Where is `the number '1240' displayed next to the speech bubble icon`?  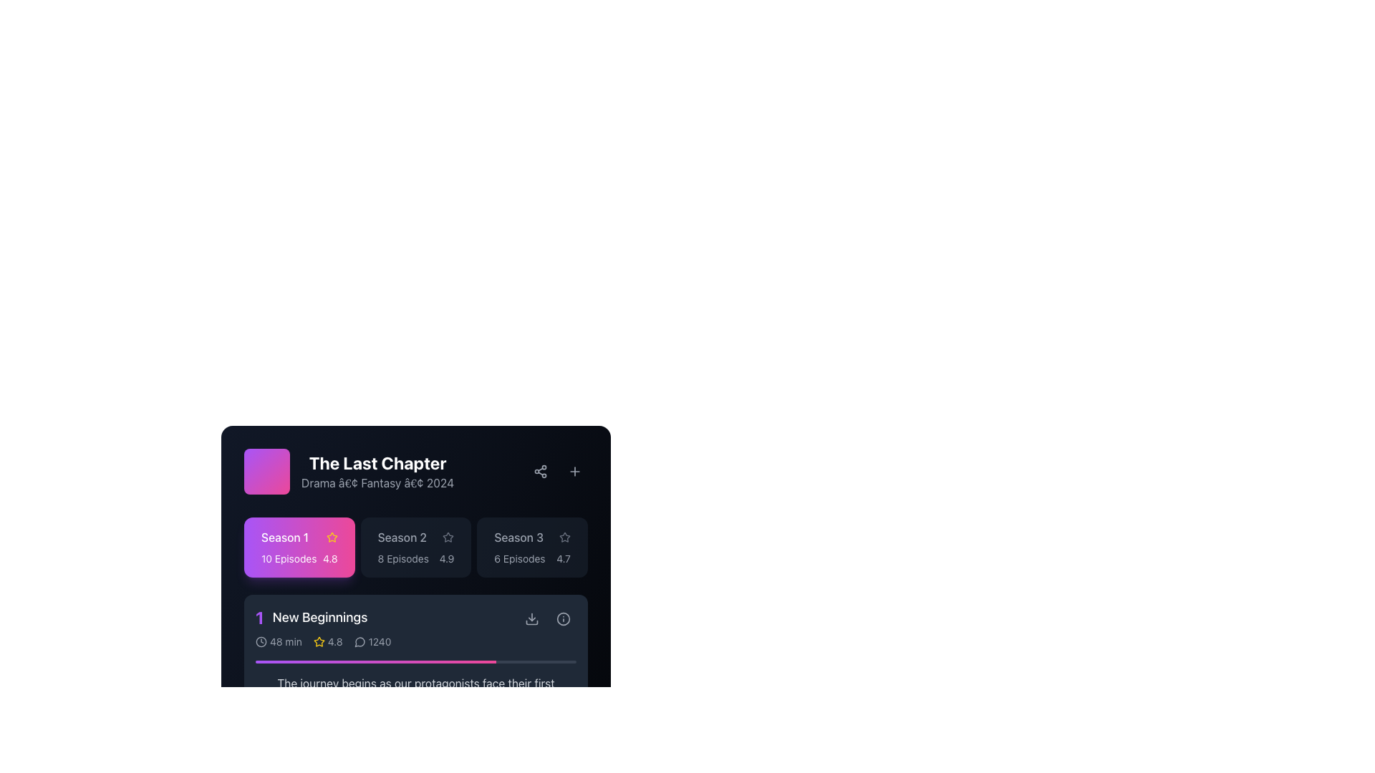
the number '1240' displayed next to the speech bubble icon is located at coordinates (372, 641).